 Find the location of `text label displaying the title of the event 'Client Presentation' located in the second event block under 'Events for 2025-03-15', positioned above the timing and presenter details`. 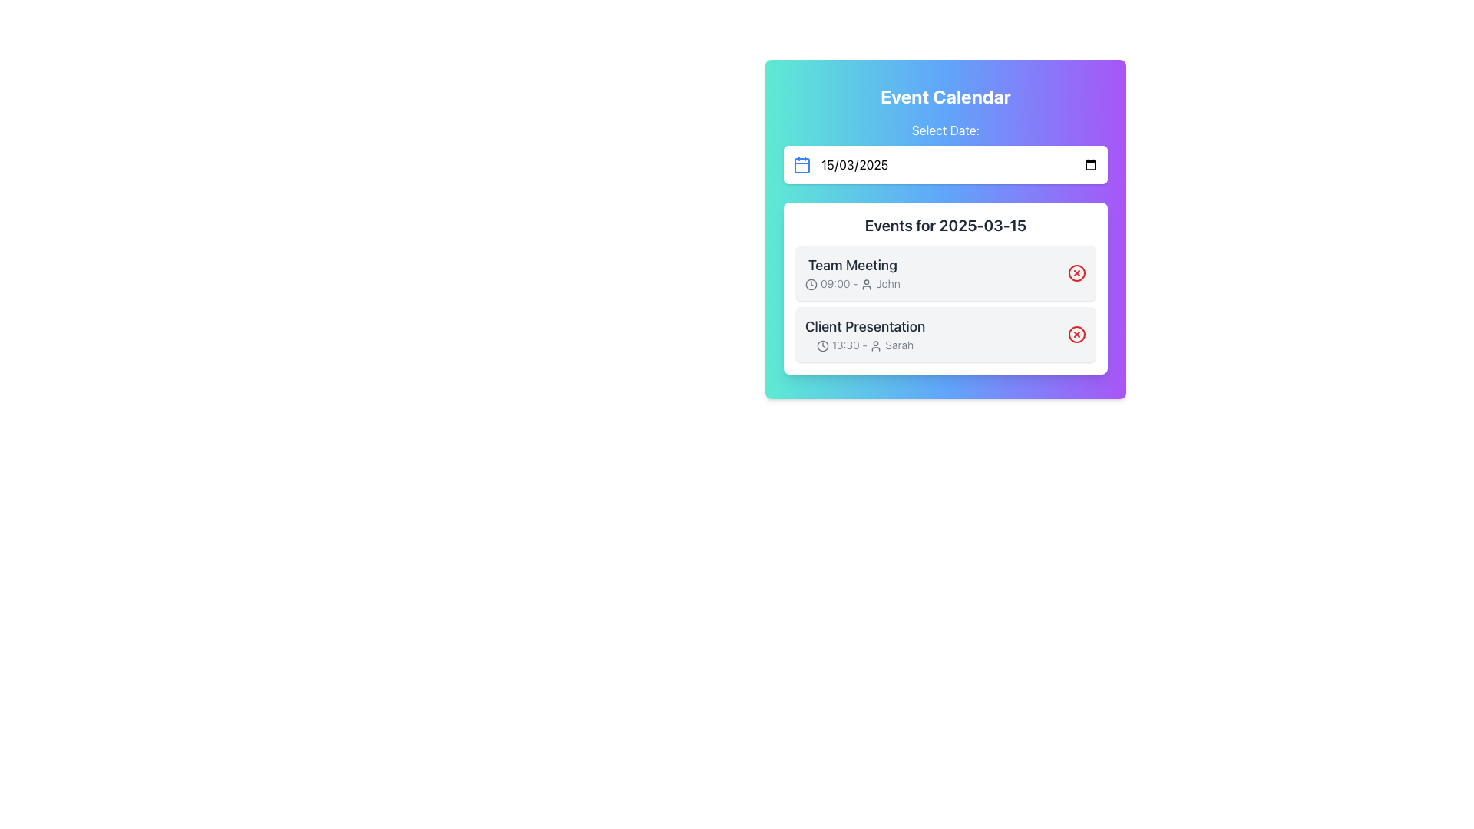

text label displaying the title of the event 'Client Presentation' located in the second event block under 'Events for 2025-03-15', positioned above the timing and presenter details is located at coordinates (865, 325).